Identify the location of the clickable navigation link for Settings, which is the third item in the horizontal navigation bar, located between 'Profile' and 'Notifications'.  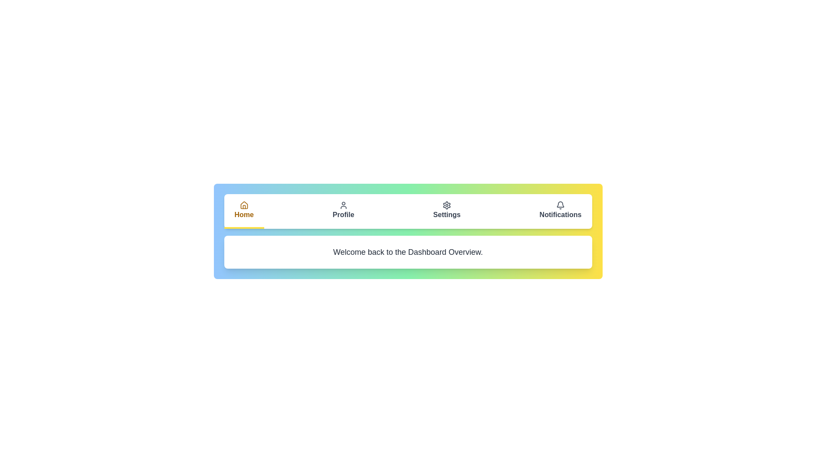
(447, 211).